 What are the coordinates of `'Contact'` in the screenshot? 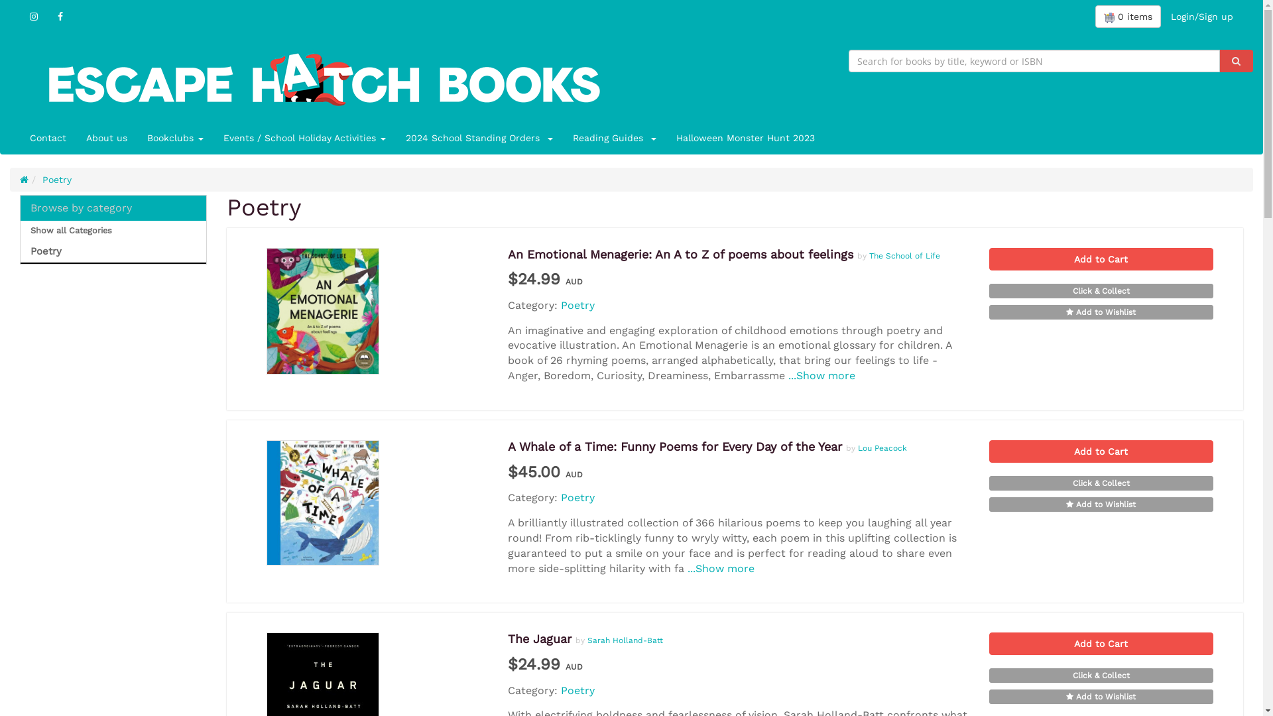 It's located at (48, 138).